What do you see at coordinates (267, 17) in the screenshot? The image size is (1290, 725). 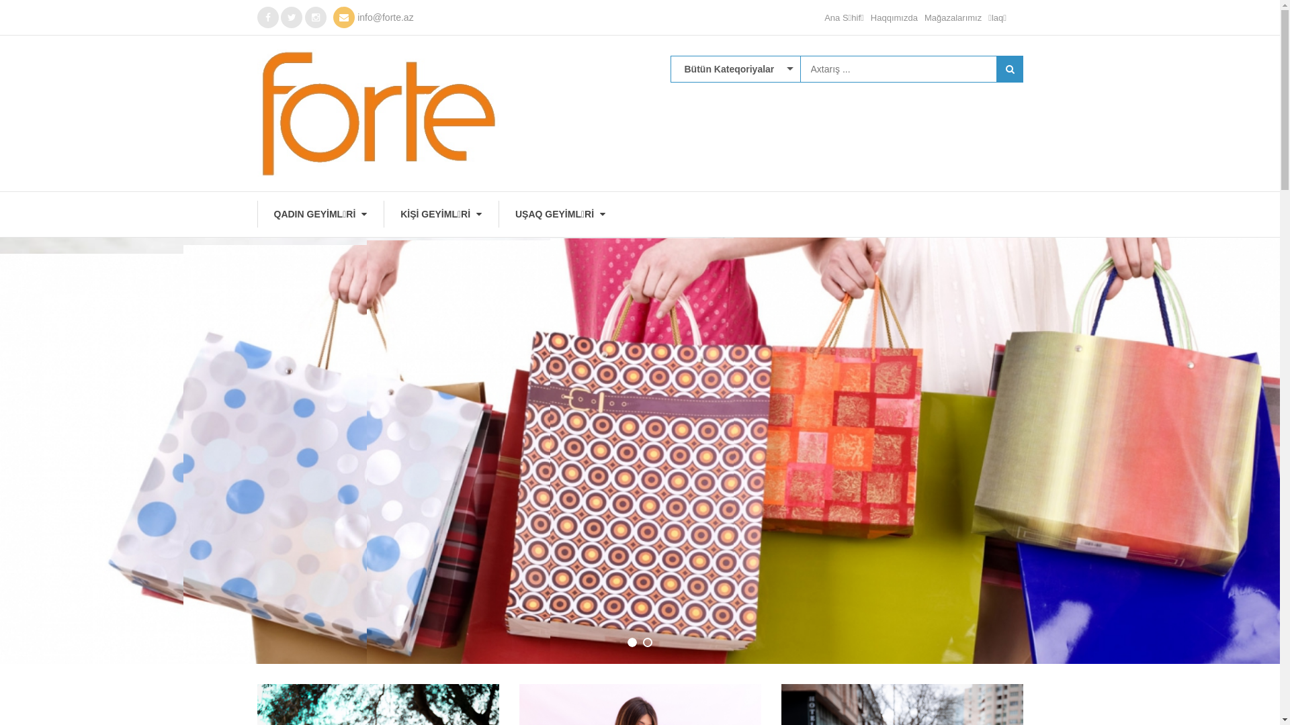 I see `'Facebook'` at bounding box center [267, 17].